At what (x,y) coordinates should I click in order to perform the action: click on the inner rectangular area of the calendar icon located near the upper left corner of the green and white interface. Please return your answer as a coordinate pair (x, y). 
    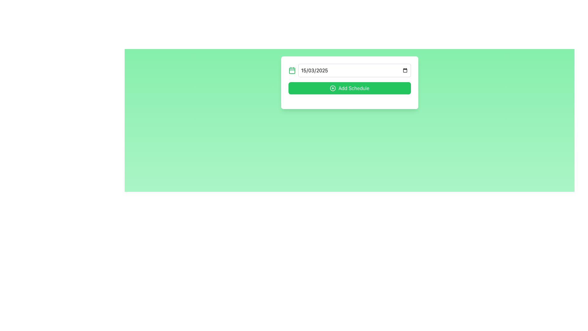
    Looking at the image, I should click on (292, 70).